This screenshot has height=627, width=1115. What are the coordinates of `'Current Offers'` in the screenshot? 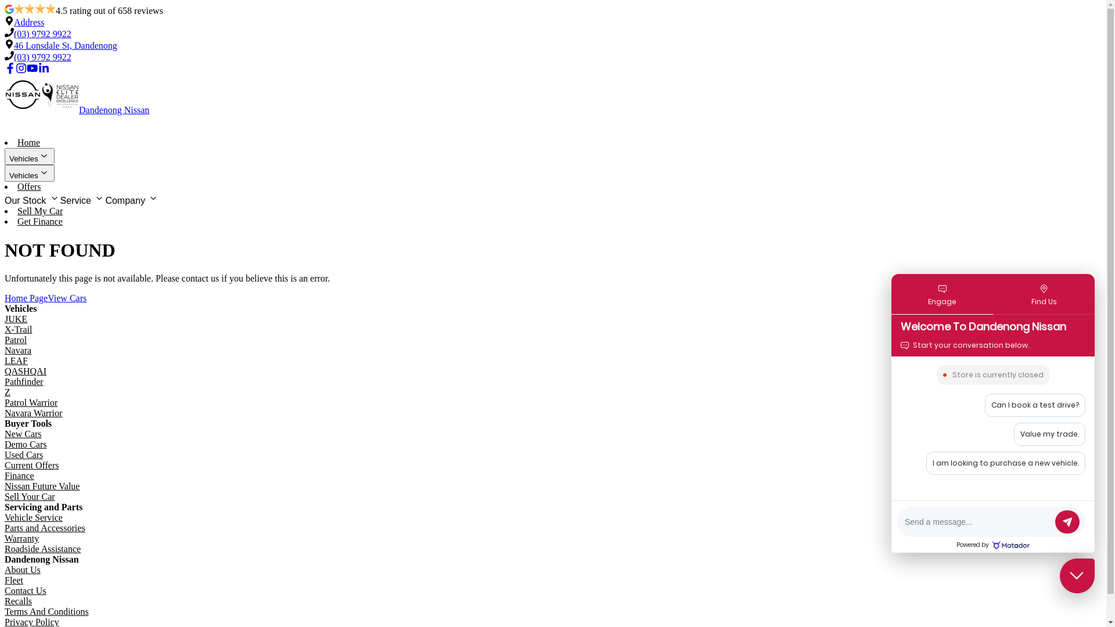 It's located at (5, 464).